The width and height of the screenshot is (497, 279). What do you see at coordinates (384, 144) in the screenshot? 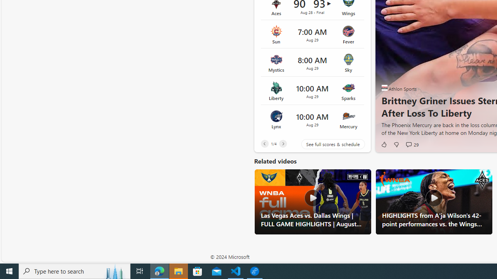
I see `'Like'` at bounding box center [384, 144].